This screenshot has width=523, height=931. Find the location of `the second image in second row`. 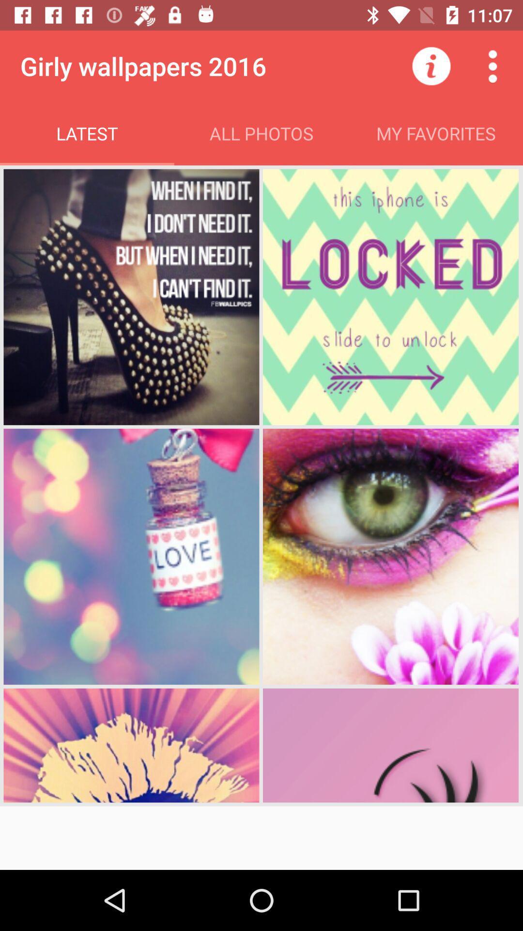

the second image in second row is located at coordinates (390, 556).